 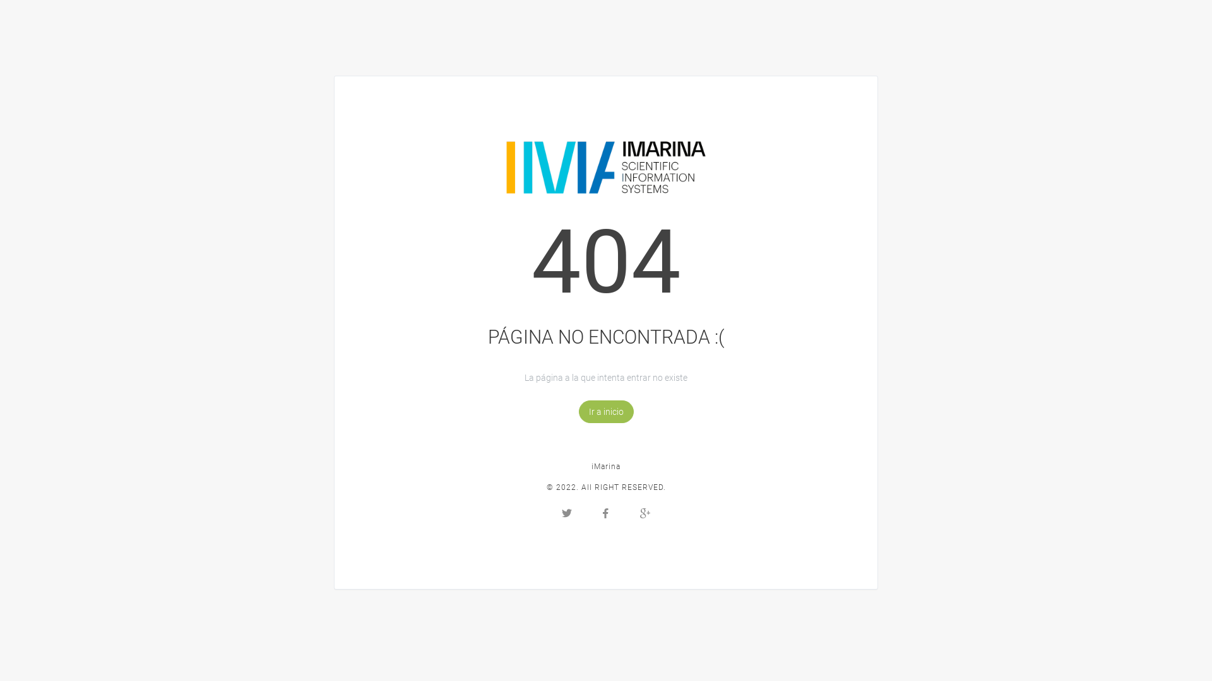 I want to click on 'Ir a inicio', so click(x=578, y=411).